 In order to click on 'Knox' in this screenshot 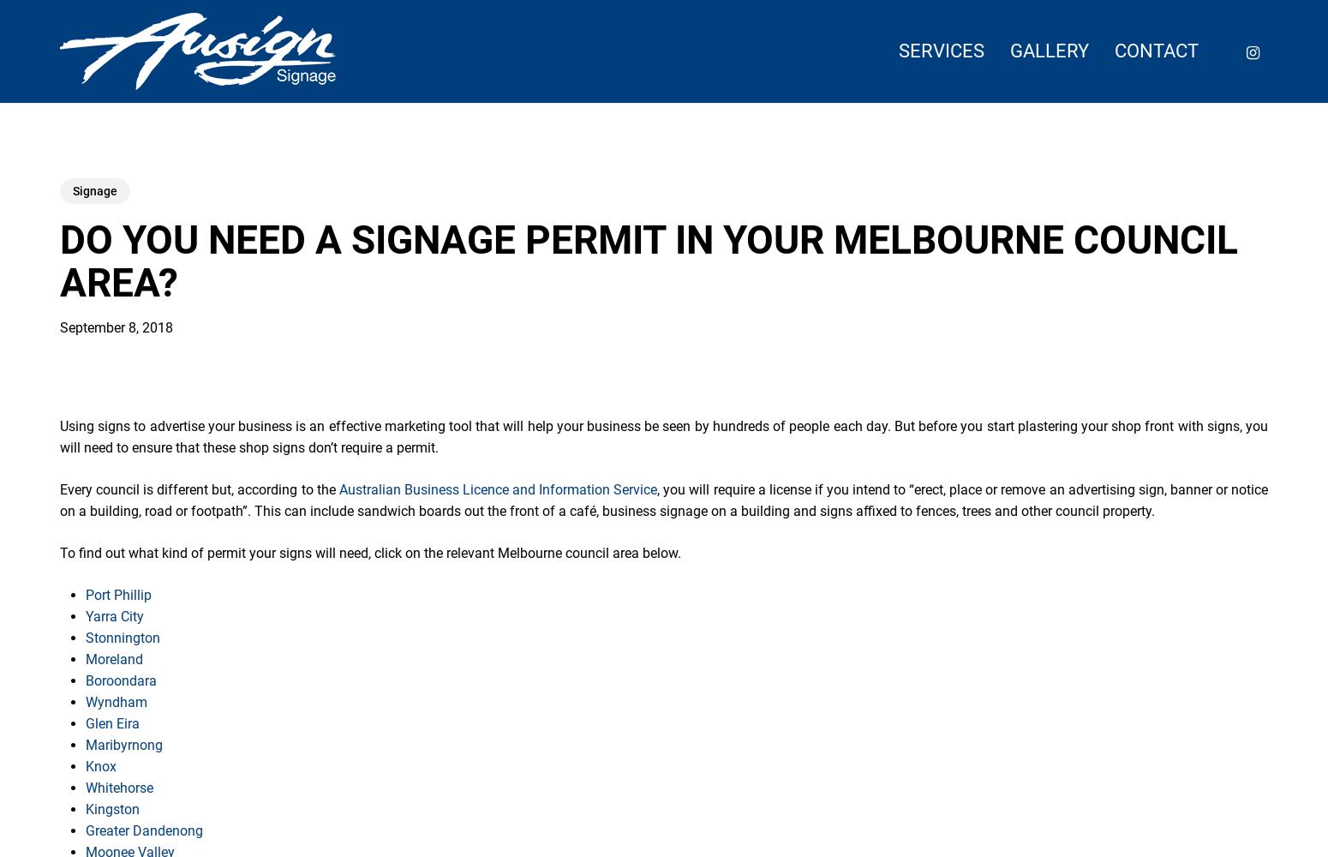, I will do `click(100, 766)`.